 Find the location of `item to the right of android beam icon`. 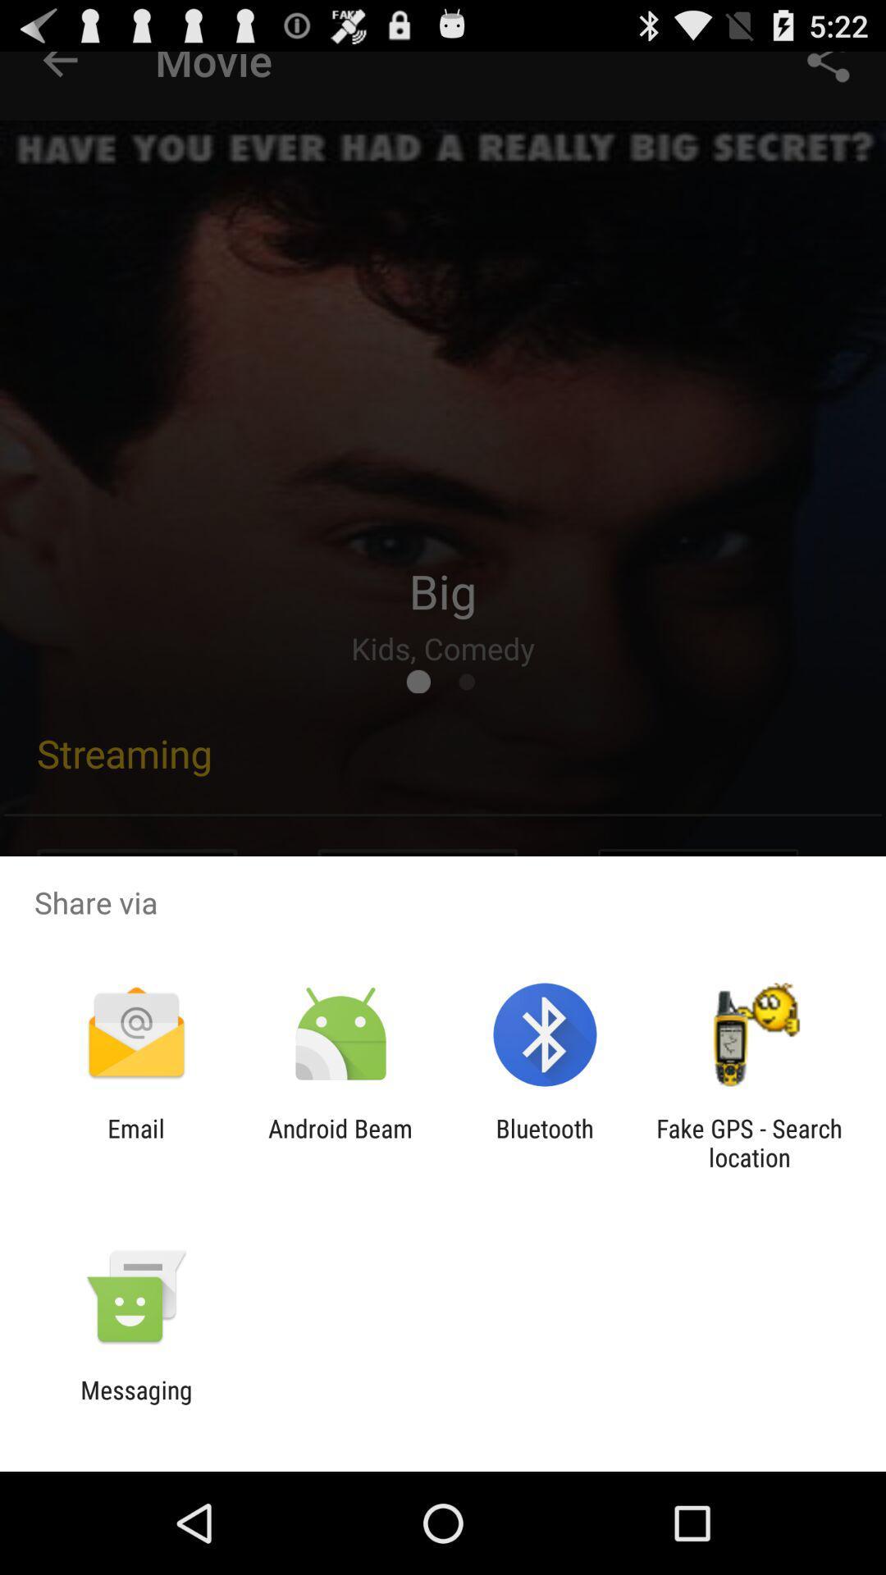

item to the right of android beam icon is located at coordinates (545, 1142).